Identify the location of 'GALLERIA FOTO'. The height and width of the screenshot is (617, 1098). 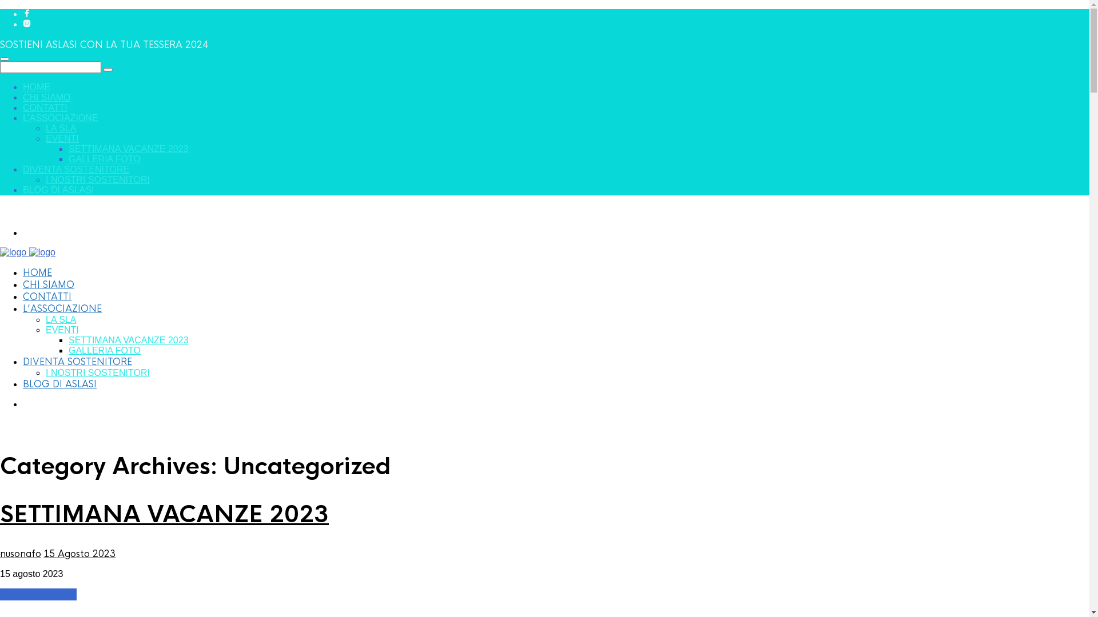
(68, 159).